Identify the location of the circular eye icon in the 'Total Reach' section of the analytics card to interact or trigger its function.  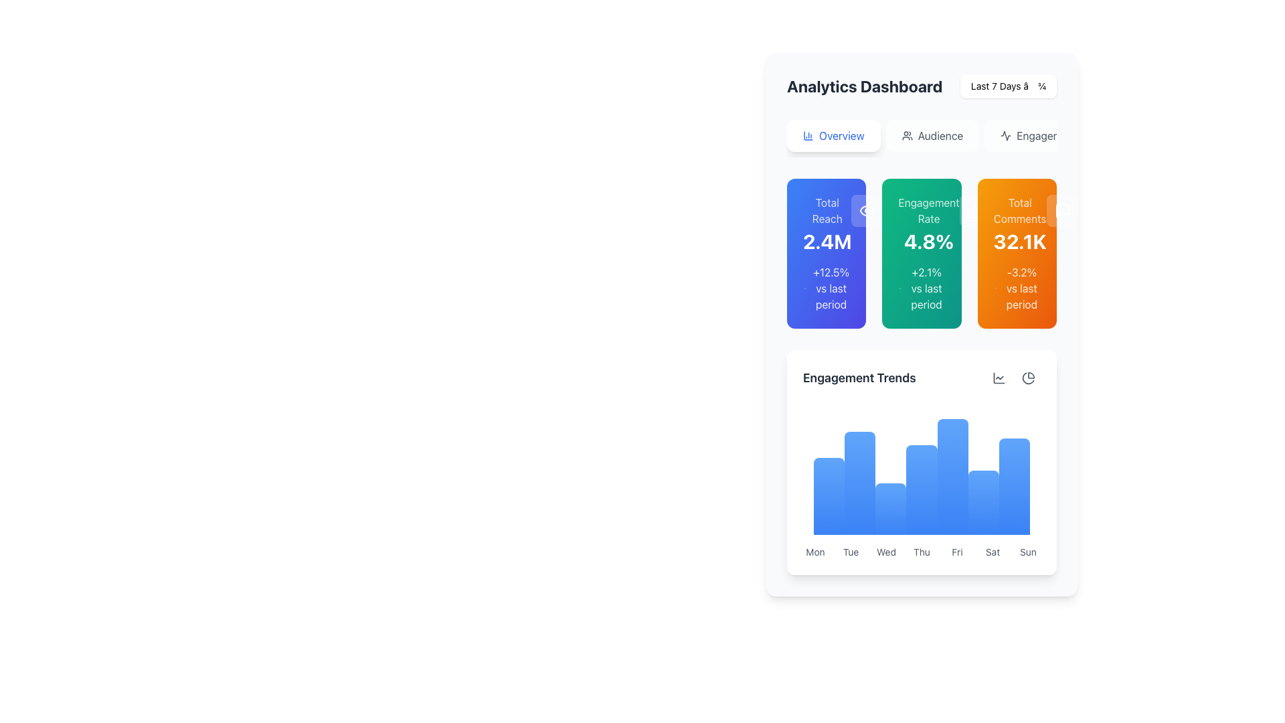
(867, 211).